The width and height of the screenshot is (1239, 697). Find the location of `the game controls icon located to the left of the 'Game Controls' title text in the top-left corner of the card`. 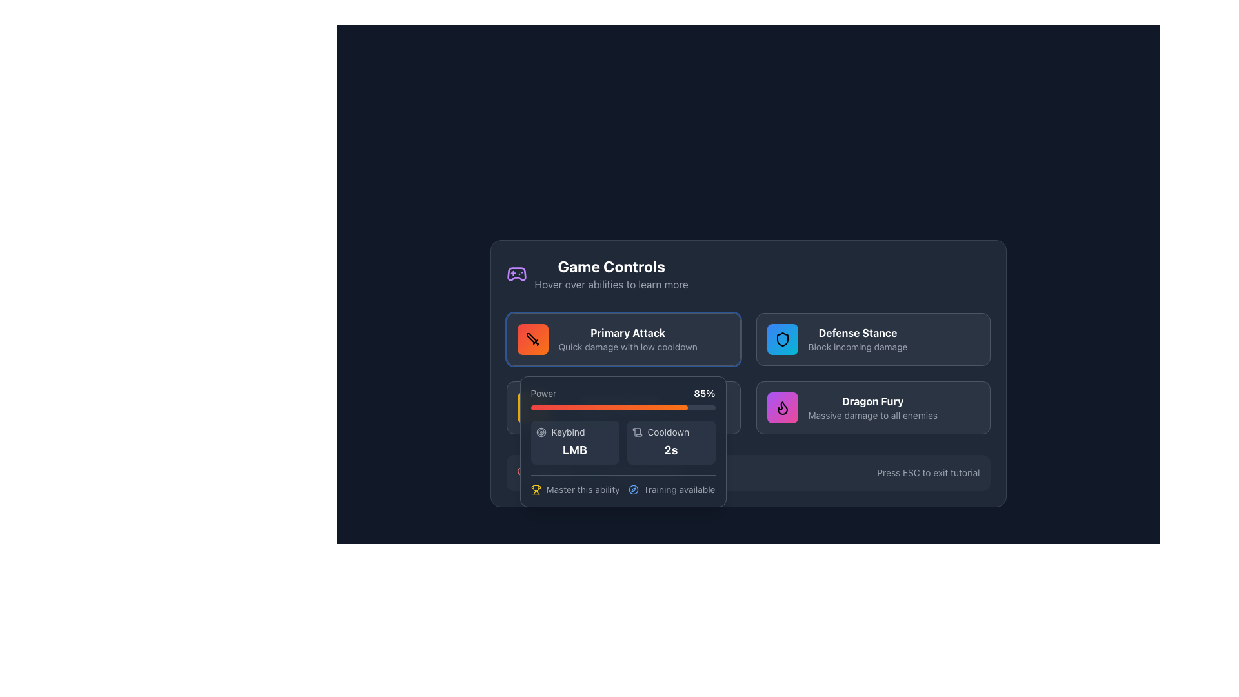

the game controls icon located to the left of the 'Game Controls' title text in the top-left corner of the card is located at coordinates (516, 273).